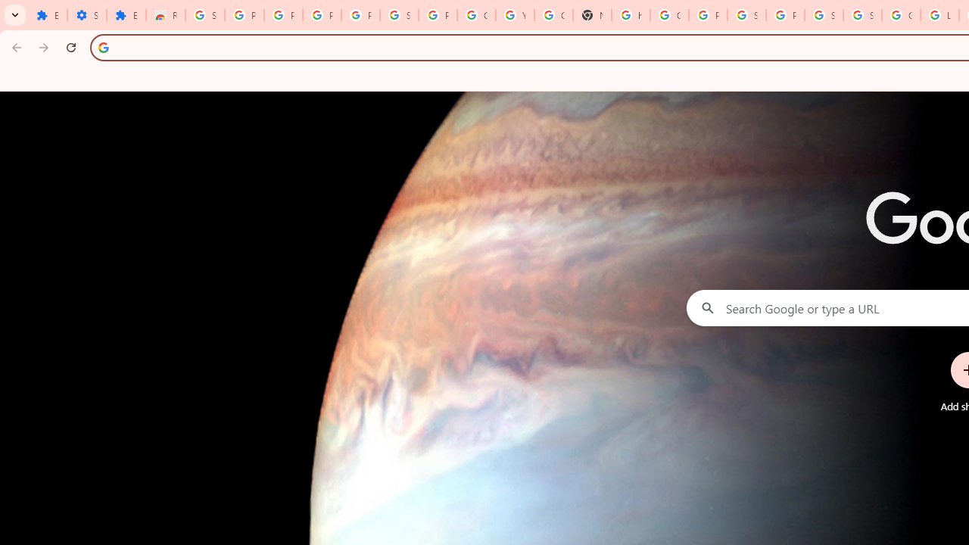 This screenshot has height=545, width=969. Describe the element at coordinates (862, 15) in the screenshot. I see `'Sign in - Google Accounts'` at that location.